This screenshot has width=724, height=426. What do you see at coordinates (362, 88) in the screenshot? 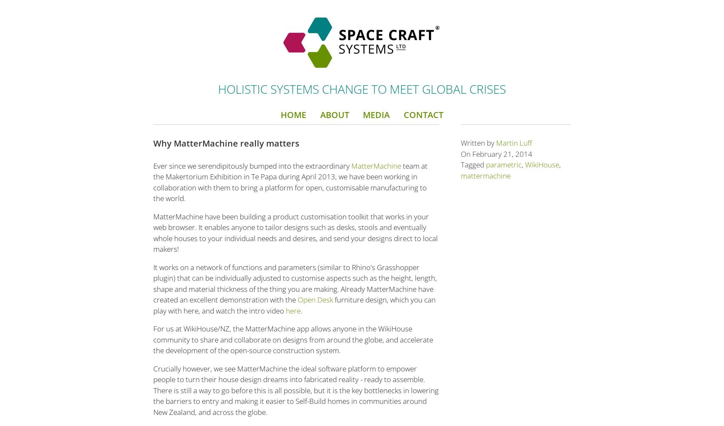
I see `'holistic systems change to meet global crises'` at bounding box center [362, 88].